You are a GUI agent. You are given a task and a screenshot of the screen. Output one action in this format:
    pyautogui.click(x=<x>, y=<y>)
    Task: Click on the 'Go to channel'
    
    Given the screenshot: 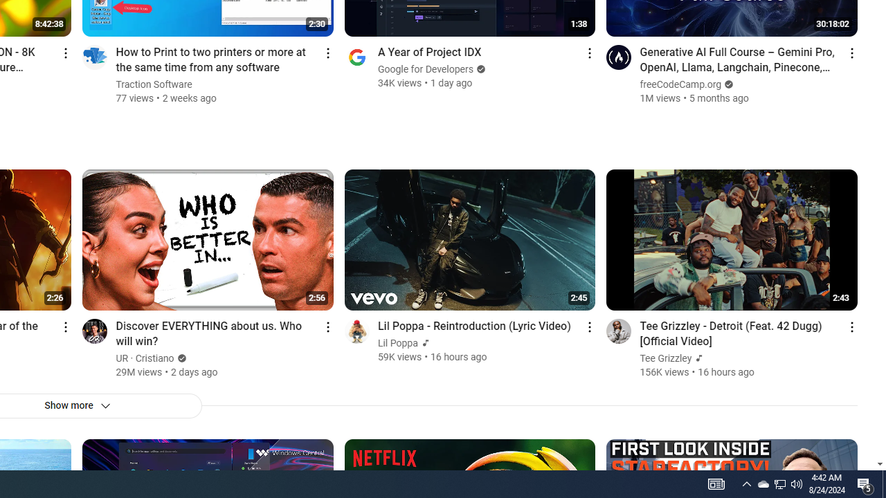 What is the action you would take?
    pyautogui.click(x=618, y=331)
    